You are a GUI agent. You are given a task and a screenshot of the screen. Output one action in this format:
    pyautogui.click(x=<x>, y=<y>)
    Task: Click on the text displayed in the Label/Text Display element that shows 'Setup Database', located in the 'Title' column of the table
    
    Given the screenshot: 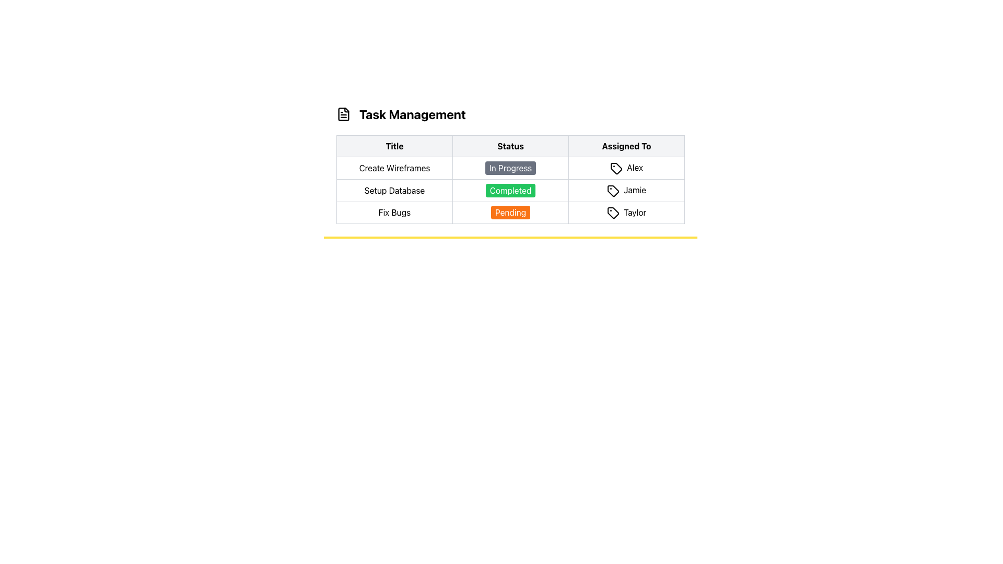 What is the action you would take?
    pyautogui.click(x=394, y=190)
    